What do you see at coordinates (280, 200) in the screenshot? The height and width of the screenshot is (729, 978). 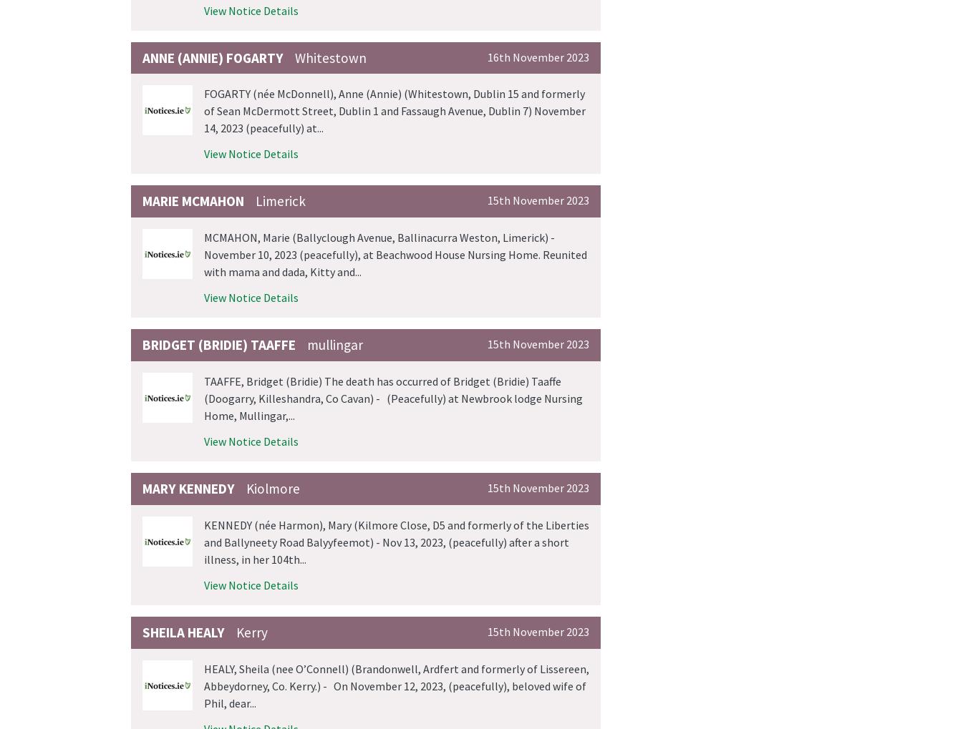 I see `'Limerick'` at bounding box center [280, 200].